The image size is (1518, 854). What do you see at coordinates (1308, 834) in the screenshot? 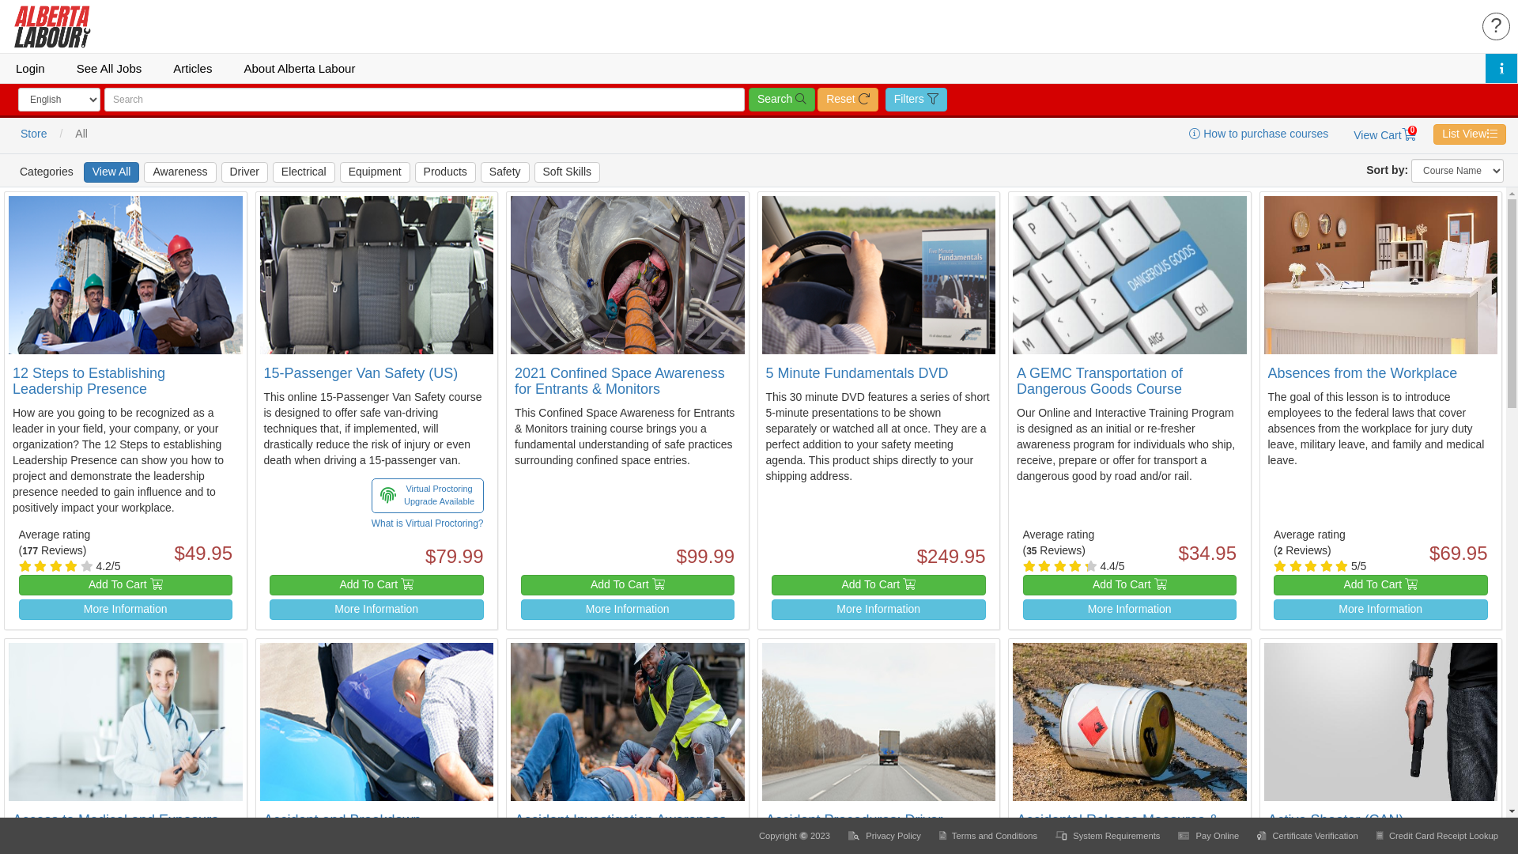
I see `'Certificate Verification'` at bounding box center [1308, 834].